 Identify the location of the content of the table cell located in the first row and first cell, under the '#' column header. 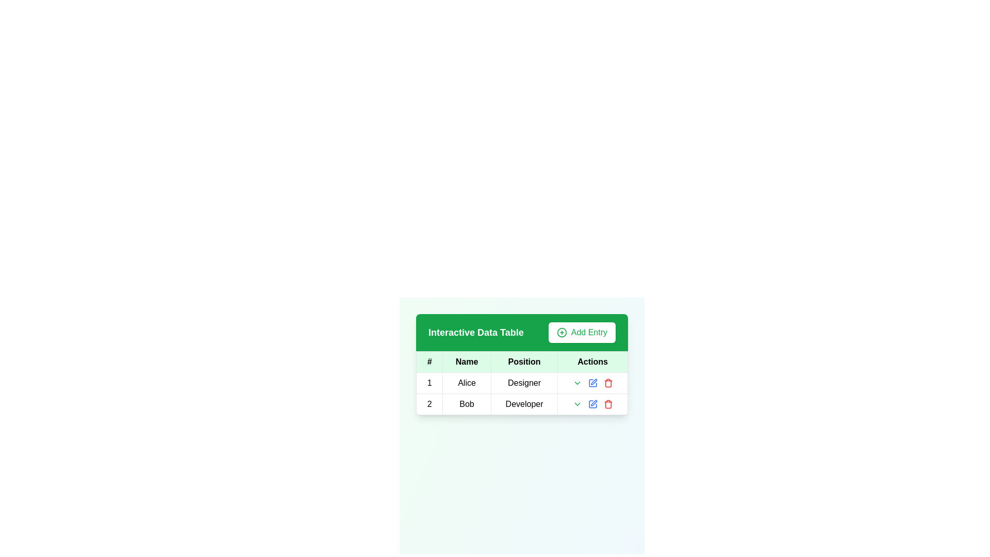
(430, 383).